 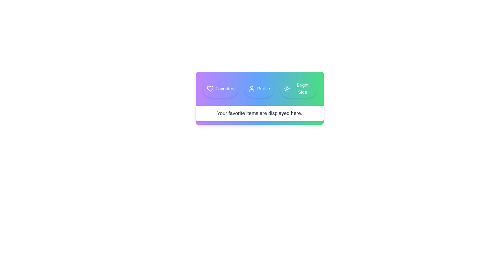 What do you see at coordinates (260, 113) in the screenshot?
I see `the displayed content of the active tab` at bounding box center [260, 113].